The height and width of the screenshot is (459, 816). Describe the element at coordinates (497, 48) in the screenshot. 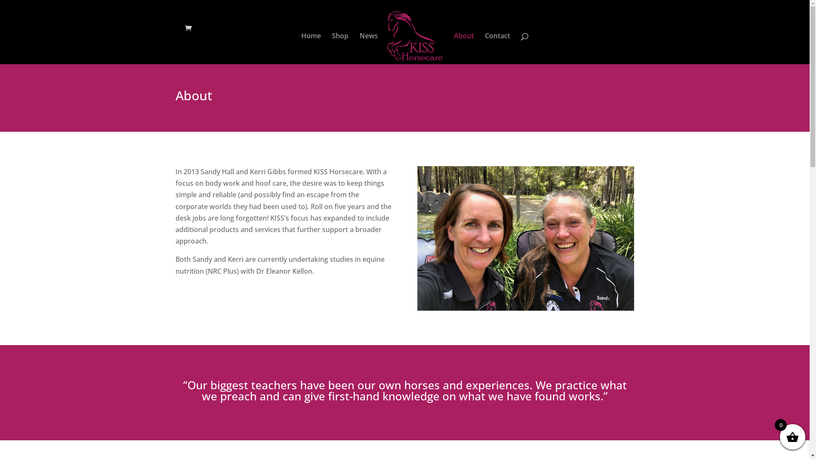

I see `'Contact'` at that location.